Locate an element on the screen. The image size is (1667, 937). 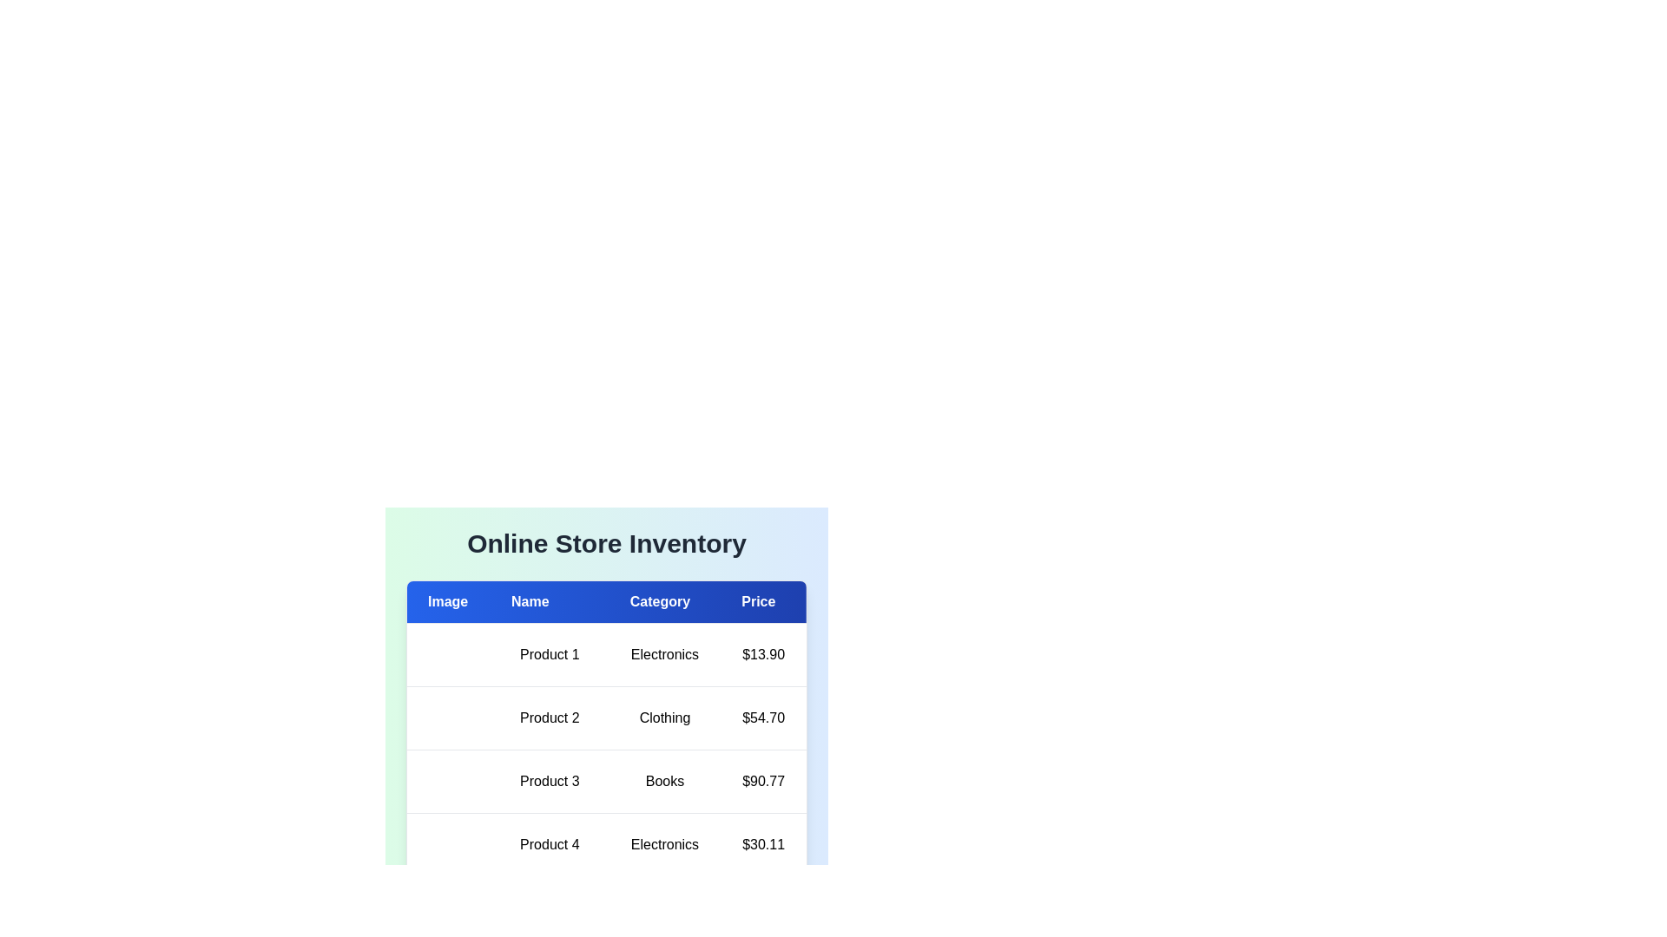
the text 'Online Store Inventory' in the header is located at coordinates (607, 543).